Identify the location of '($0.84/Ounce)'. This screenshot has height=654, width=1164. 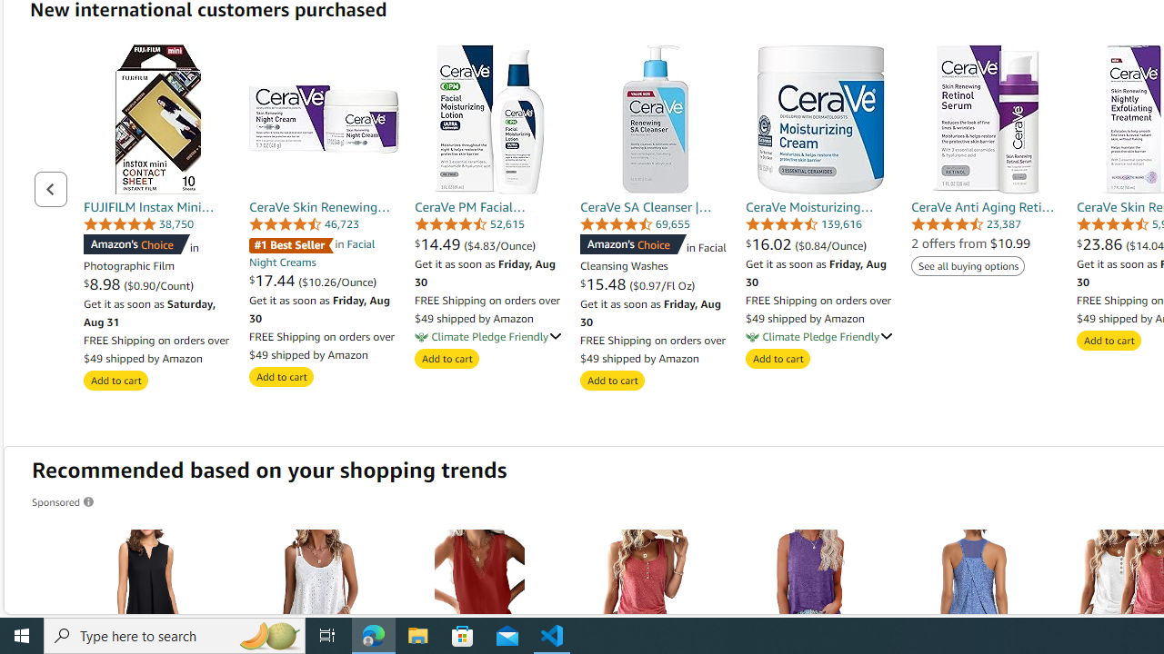
(829, 245).